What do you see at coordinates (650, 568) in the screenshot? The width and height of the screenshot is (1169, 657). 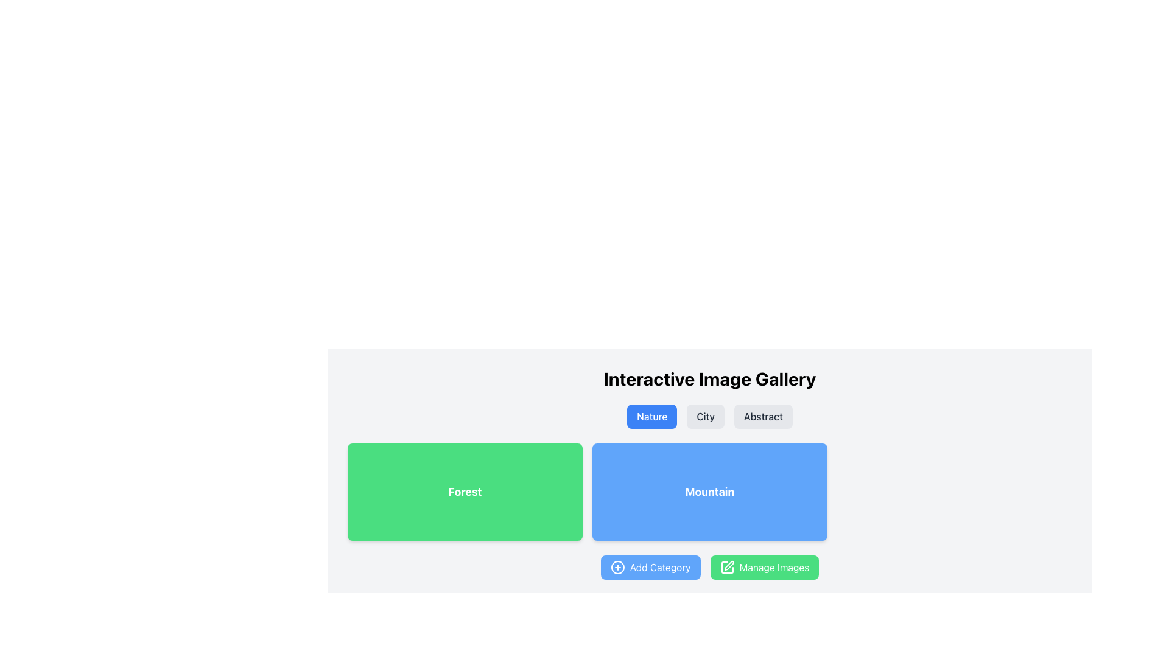 I see `the leftmost button at the bottom of the interface` at bounding box center [650, 568].